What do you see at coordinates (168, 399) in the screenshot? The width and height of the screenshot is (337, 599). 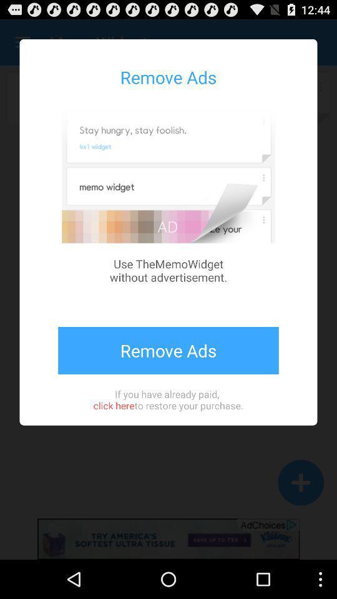 I see `if you have` at bounding box center [168, 399].